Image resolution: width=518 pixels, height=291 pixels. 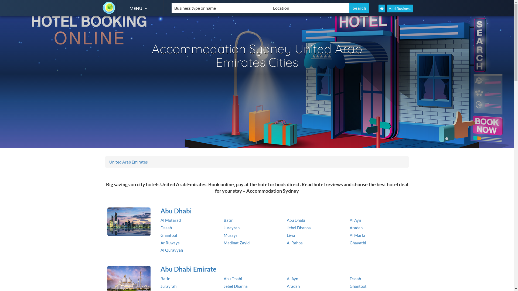 I want to click on 'Jurayrah', so click(x=168, y=286).